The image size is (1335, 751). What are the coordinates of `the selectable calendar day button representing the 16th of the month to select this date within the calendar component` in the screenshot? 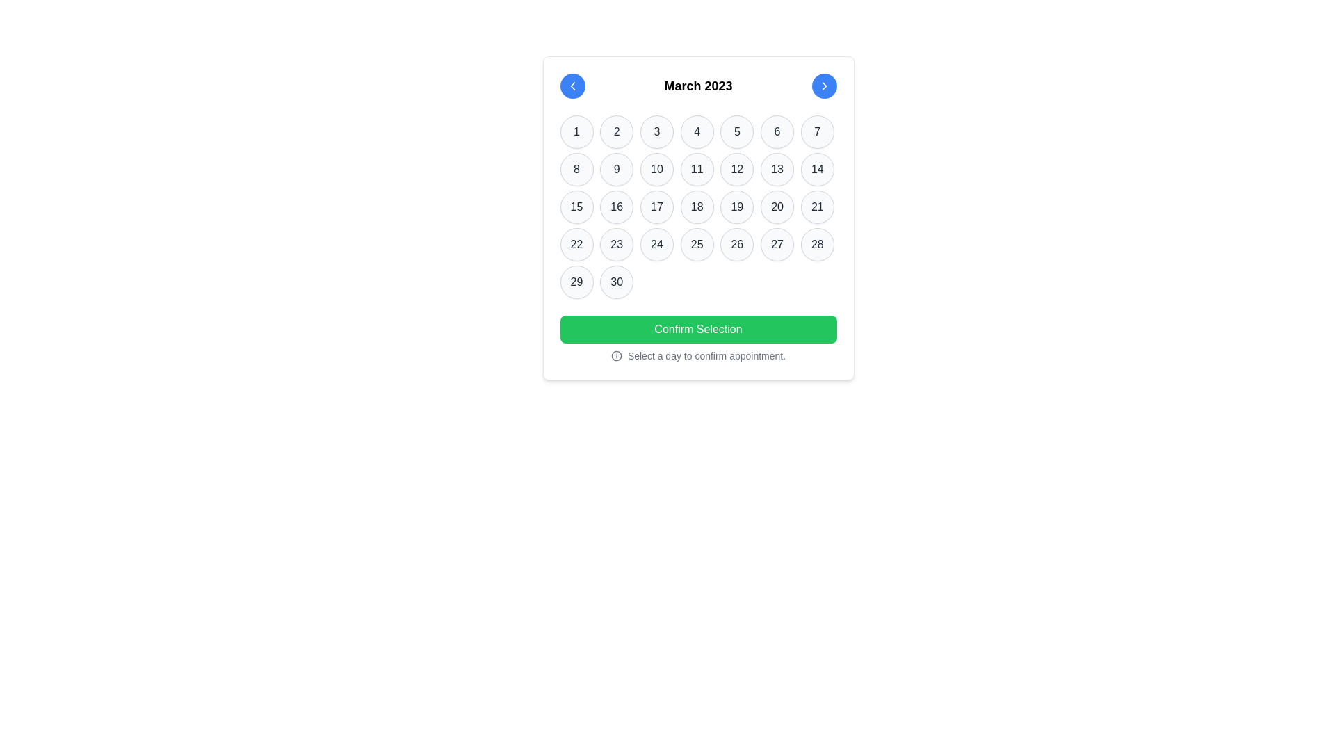 It's located at (616, 207).